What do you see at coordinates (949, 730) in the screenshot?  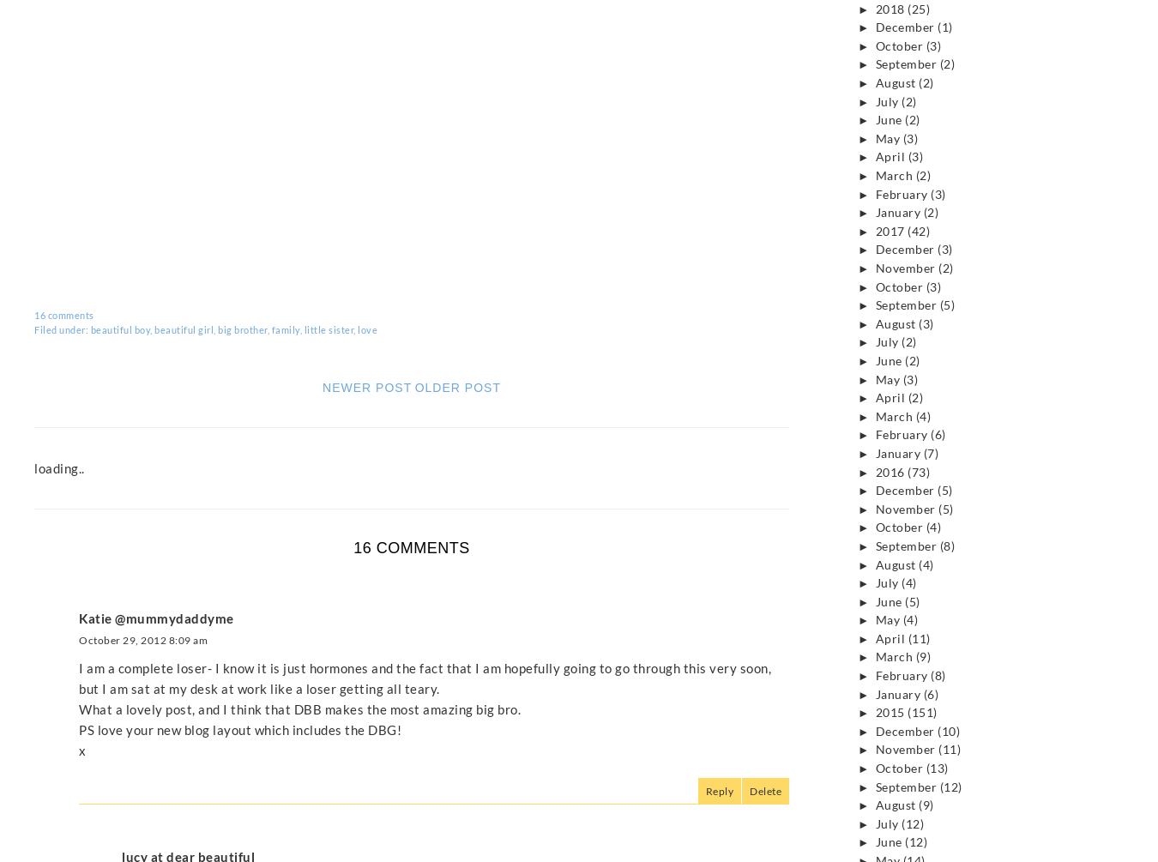 I see `'(10)'` at bounding box center [949, 730].